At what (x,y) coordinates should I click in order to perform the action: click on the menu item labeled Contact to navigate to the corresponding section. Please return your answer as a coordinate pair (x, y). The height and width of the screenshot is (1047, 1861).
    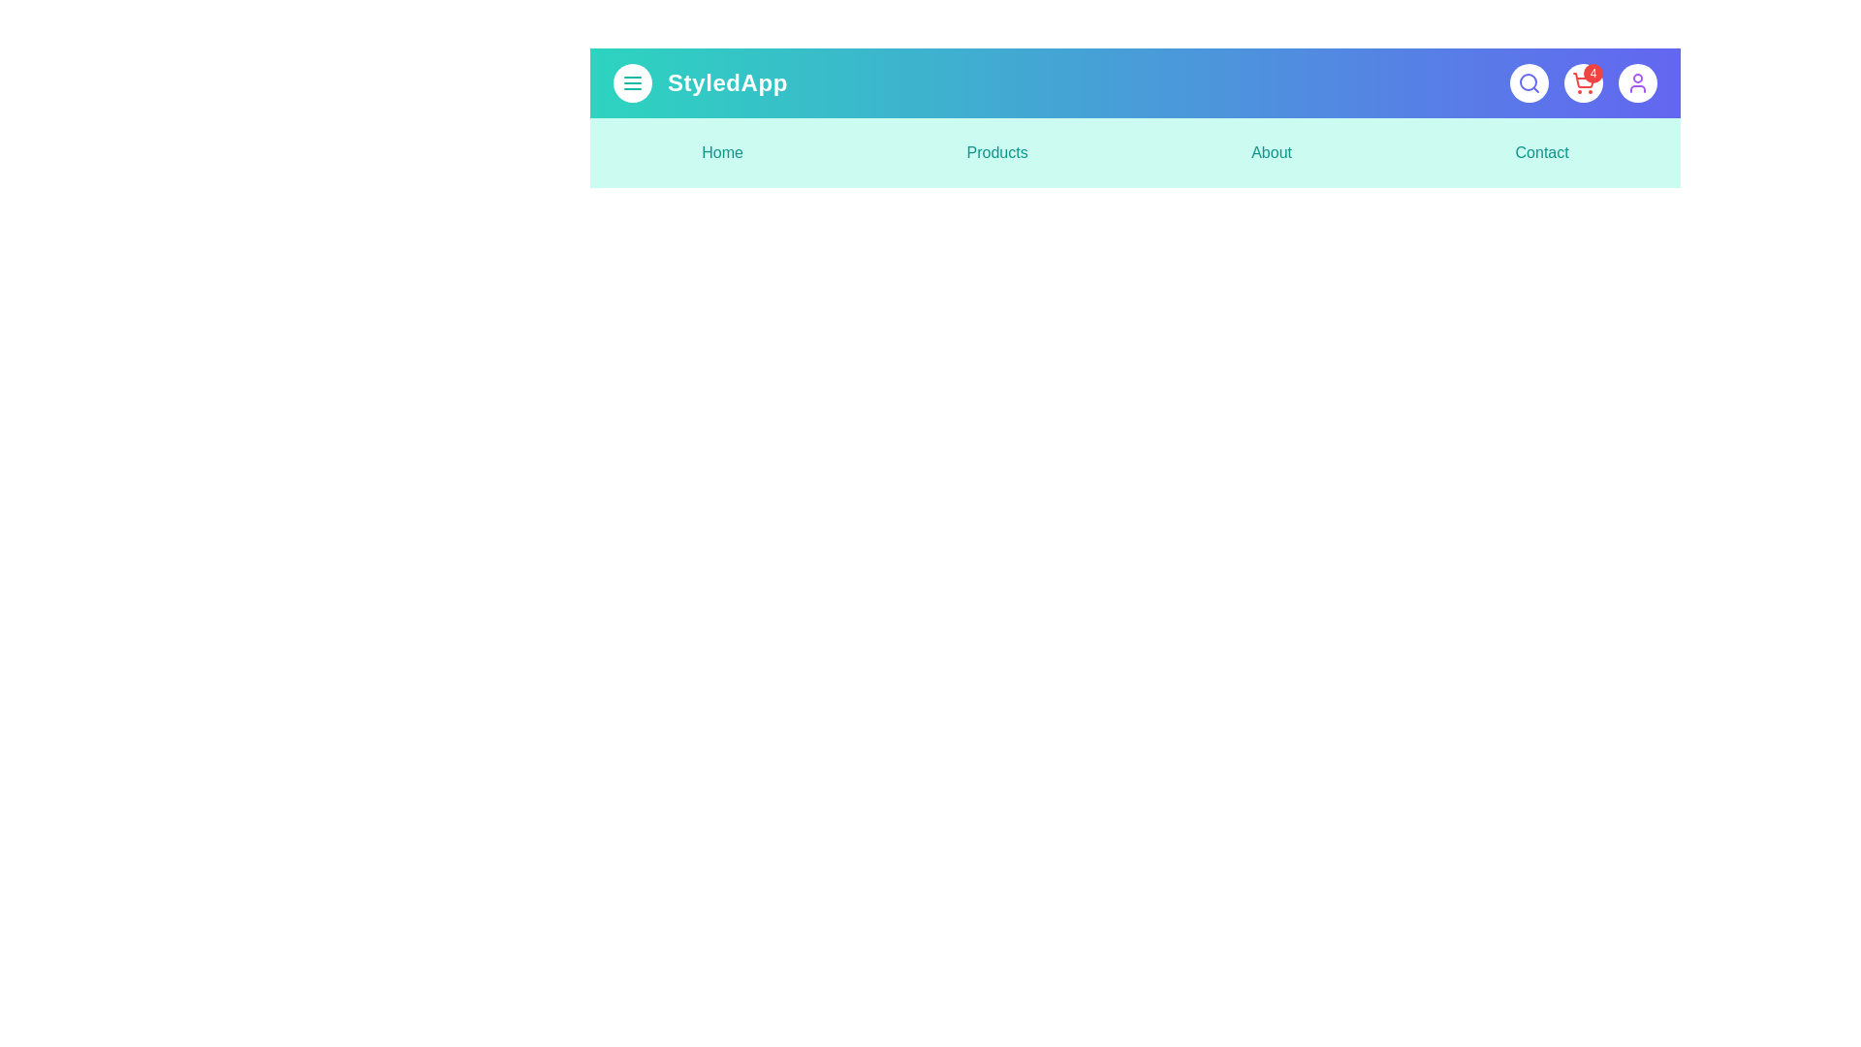
    Looking at the image, I should click on (1540, 152).